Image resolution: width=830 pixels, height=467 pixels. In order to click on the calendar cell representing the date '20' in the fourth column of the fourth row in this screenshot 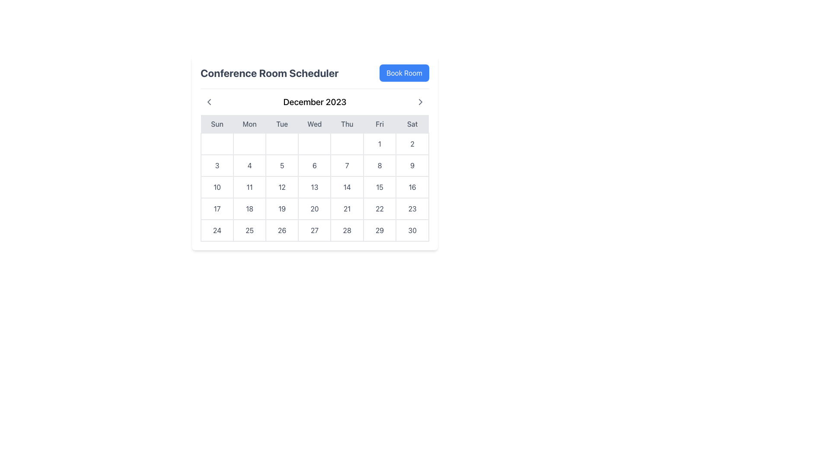, I will do `click(314, 208)`.